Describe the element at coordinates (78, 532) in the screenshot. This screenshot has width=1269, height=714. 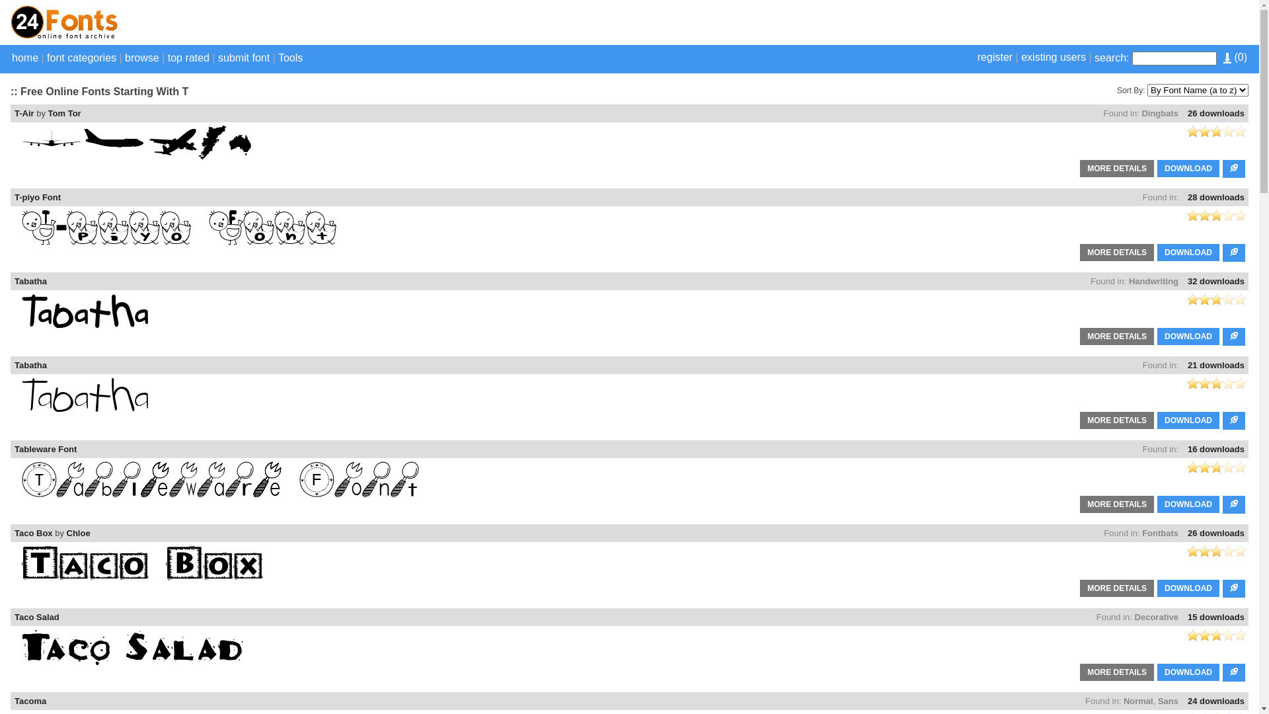
I see `'Chloe'` at that location.